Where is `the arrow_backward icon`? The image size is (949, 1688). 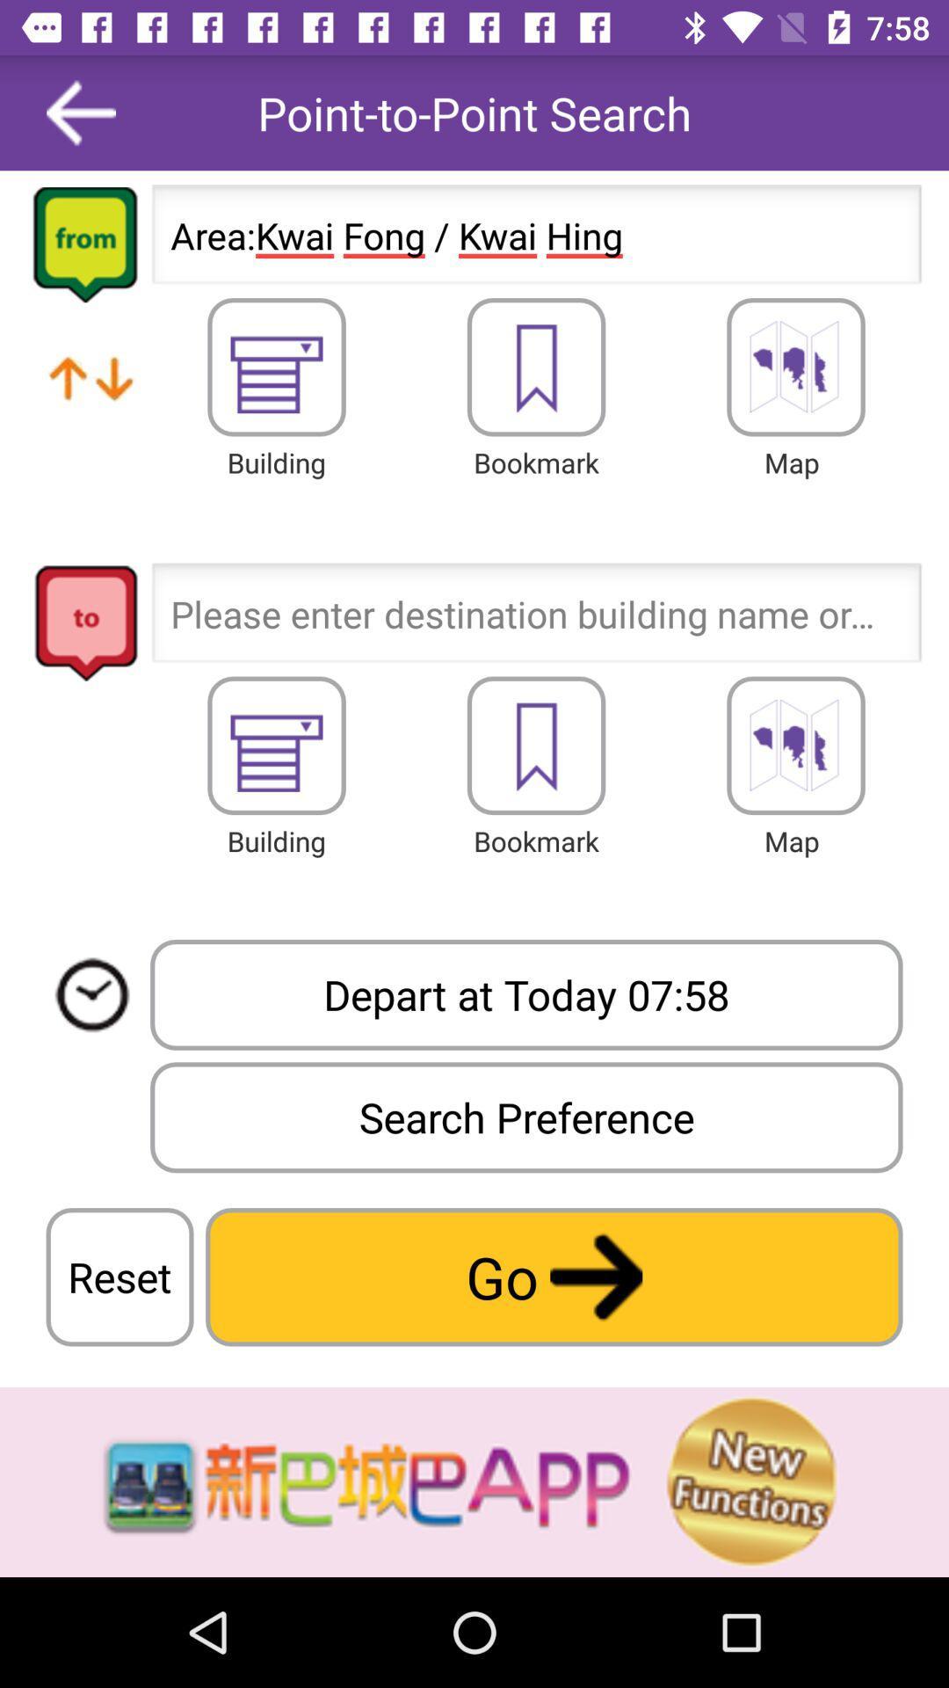 the arrow_backward icon is located at coordinates (81, 112).